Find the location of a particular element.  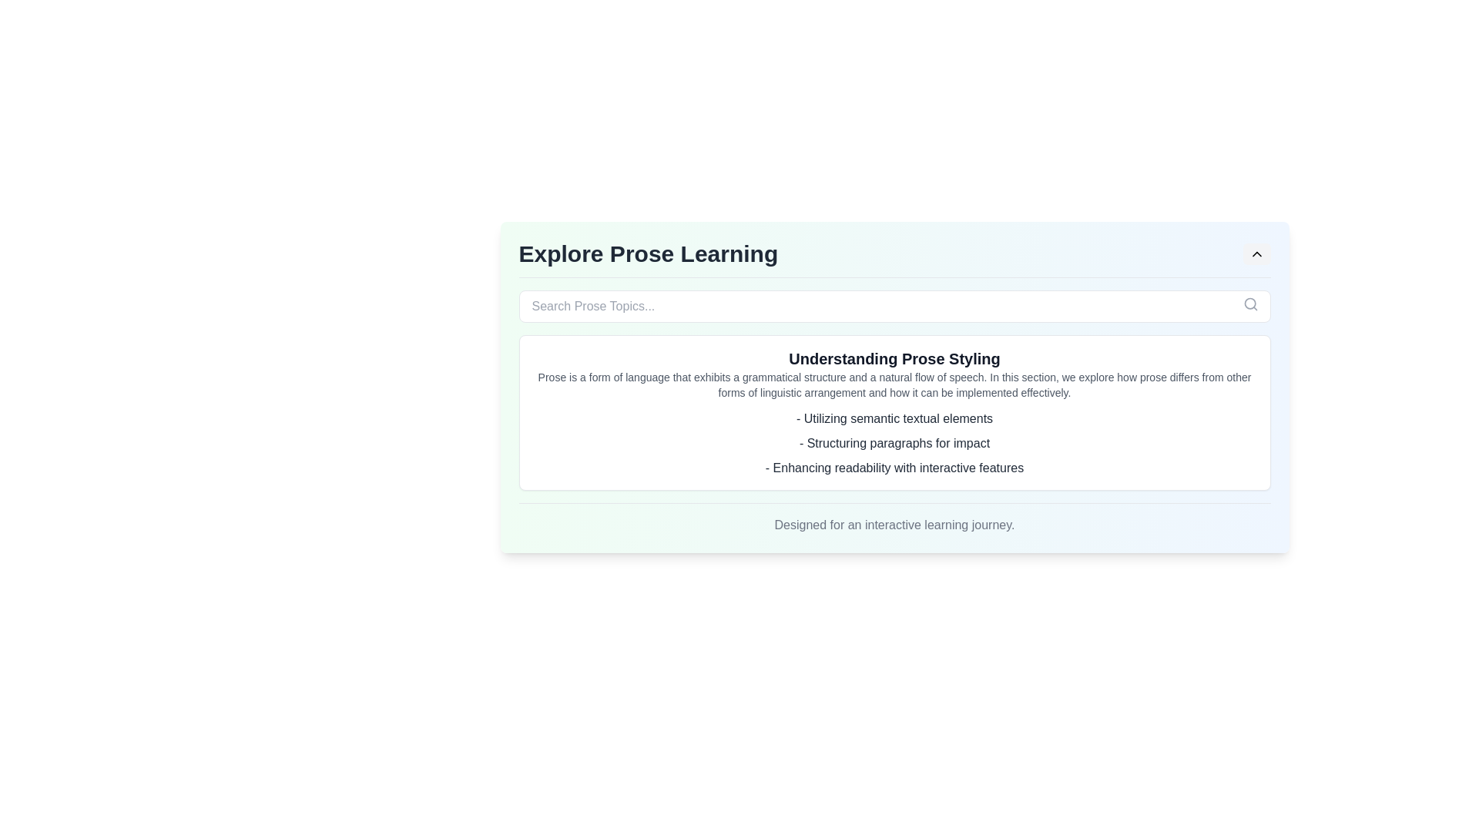

the Header text element, which serves as the title or header introducing the topic, positioned at the upper center area of the white card is located at coordinates (894, 359).